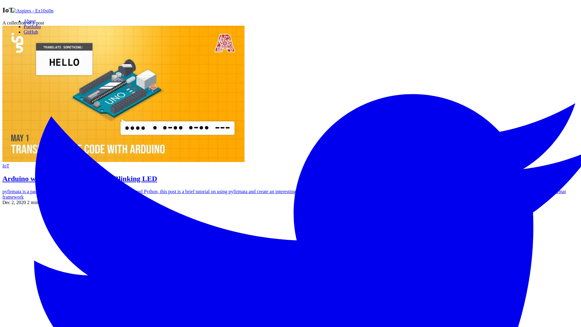 Image resolution: width=581 pixels, height=327 pixels. Describe the element at coordinates (23, 26) in the screenshot. I see `'Portfolio'` at that location.